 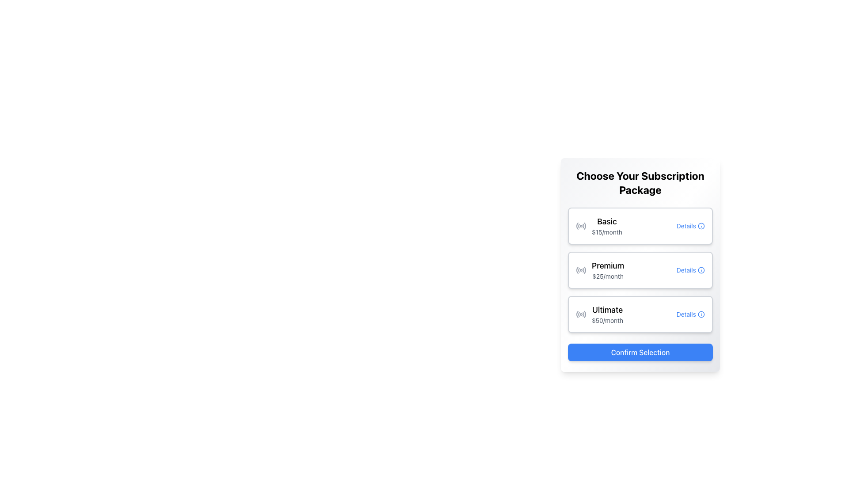 What do you see at coordinates (701, 270) in the screenshot?
I see `the small circular information icon with a blue outline and lighter blue fill located to the right of the 'Premium' subscription option within the 'Details' button` at bounding box center [701, 270].